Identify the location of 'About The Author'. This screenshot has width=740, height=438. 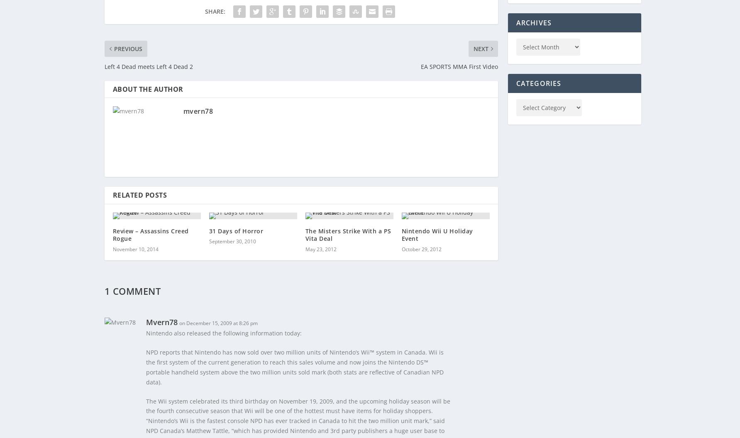
(147, 88).